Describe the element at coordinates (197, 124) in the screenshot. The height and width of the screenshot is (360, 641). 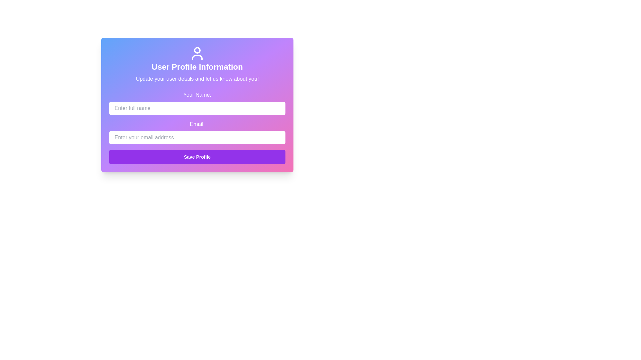
I see `the label text element that describes the email input field, which is located just above the email entry input in the modal window` at that location.